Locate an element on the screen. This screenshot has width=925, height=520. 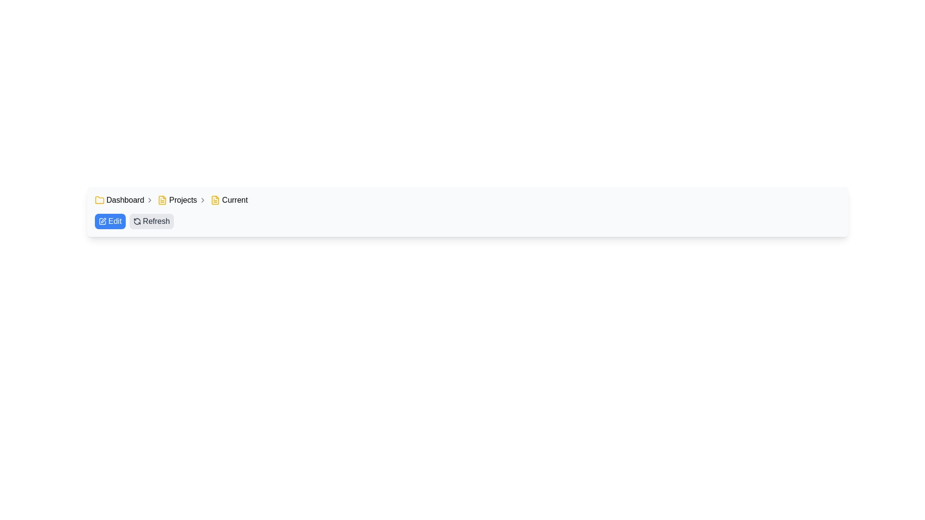
the yellow folder icon representing the Dashboard section, located to the far left of the navigation breadcrumb bar is located at coordinates (99, 200).